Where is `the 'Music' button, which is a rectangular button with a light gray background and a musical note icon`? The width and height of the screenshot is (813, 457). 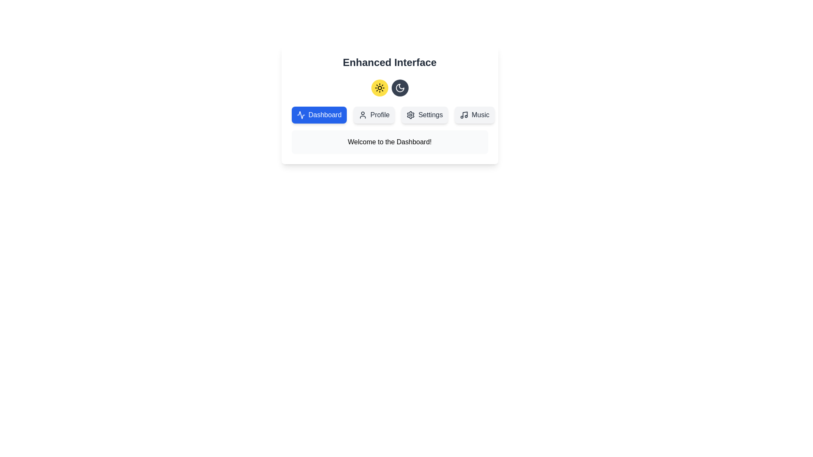
the 'Music' button, which is a rectangular button with a light gray background and a musical note icon is located at coordinates (474, 115).